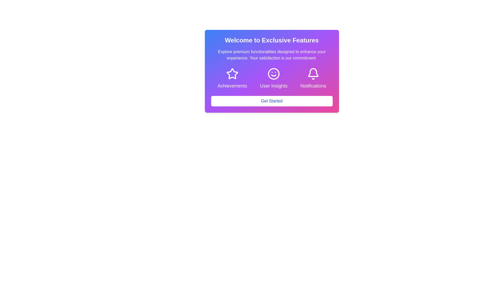 The height and width of the screenshot is (283, 503). I want to click on the 'Achievements' button located in the top area of the interface, which is the leftmost element in a set of three, so click(232, 79).